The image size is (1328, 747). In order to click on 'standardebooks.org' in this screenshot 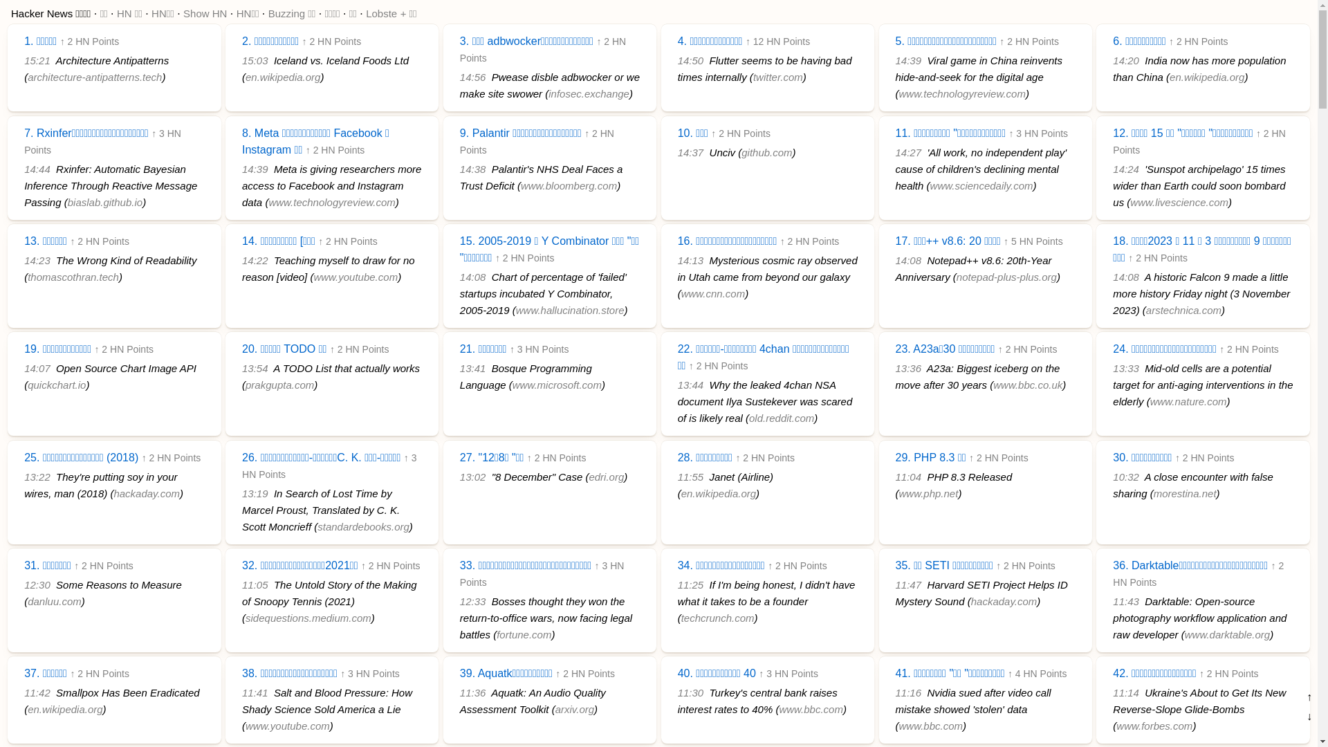, I will do `click(363, 526)`.